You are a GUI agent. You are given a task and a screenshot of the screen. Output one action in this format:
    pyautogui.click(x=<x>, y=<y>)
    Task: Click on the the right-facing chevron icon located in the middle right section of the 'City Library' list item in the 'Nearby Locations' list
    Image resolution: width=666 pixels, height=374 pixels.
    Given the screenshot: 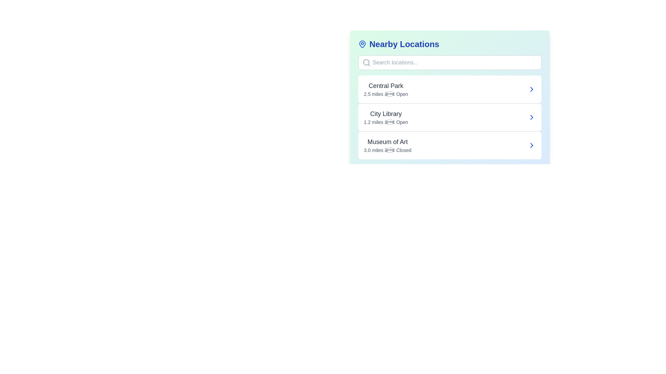 What is the action you would take?
    pyautogui.click(x=531, y=117)
    